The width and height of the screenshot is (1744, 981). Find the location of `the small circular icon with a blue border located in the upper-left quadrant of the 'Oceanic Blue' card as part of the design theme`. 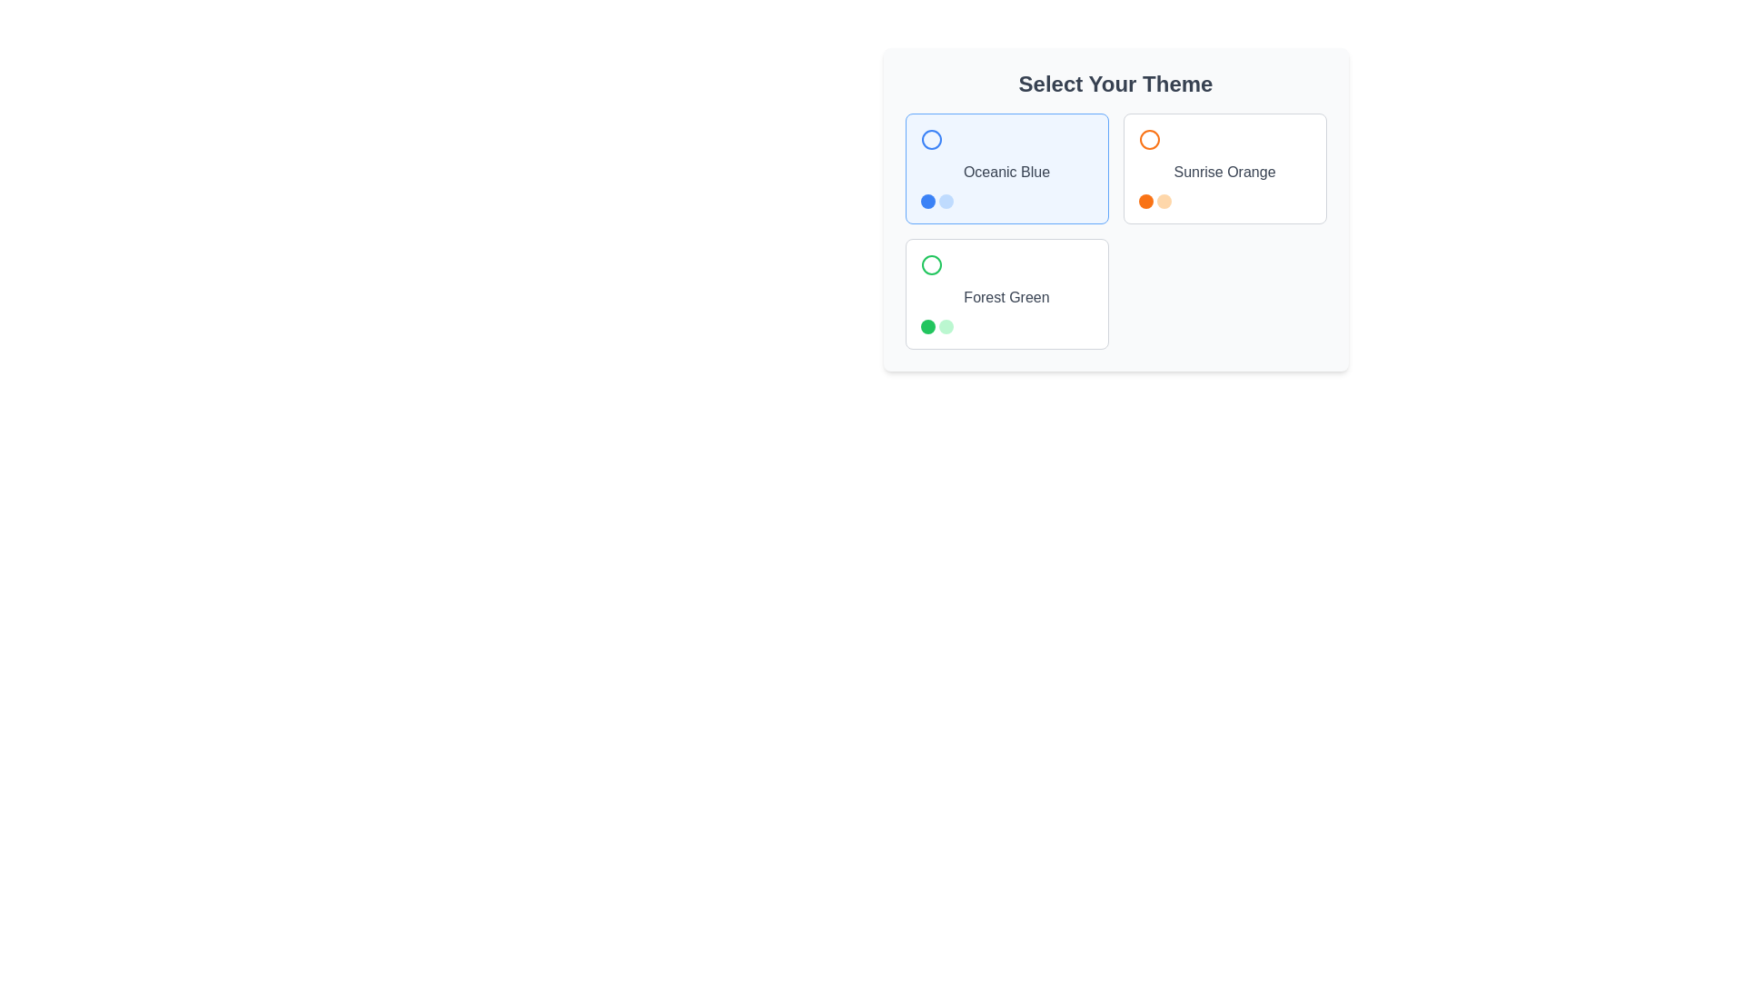

the small circular icon with a blue border located in the upper-left quadrant of the 'Oceanic Blue' card as part of the design theme is located at coordinates (931, 139).